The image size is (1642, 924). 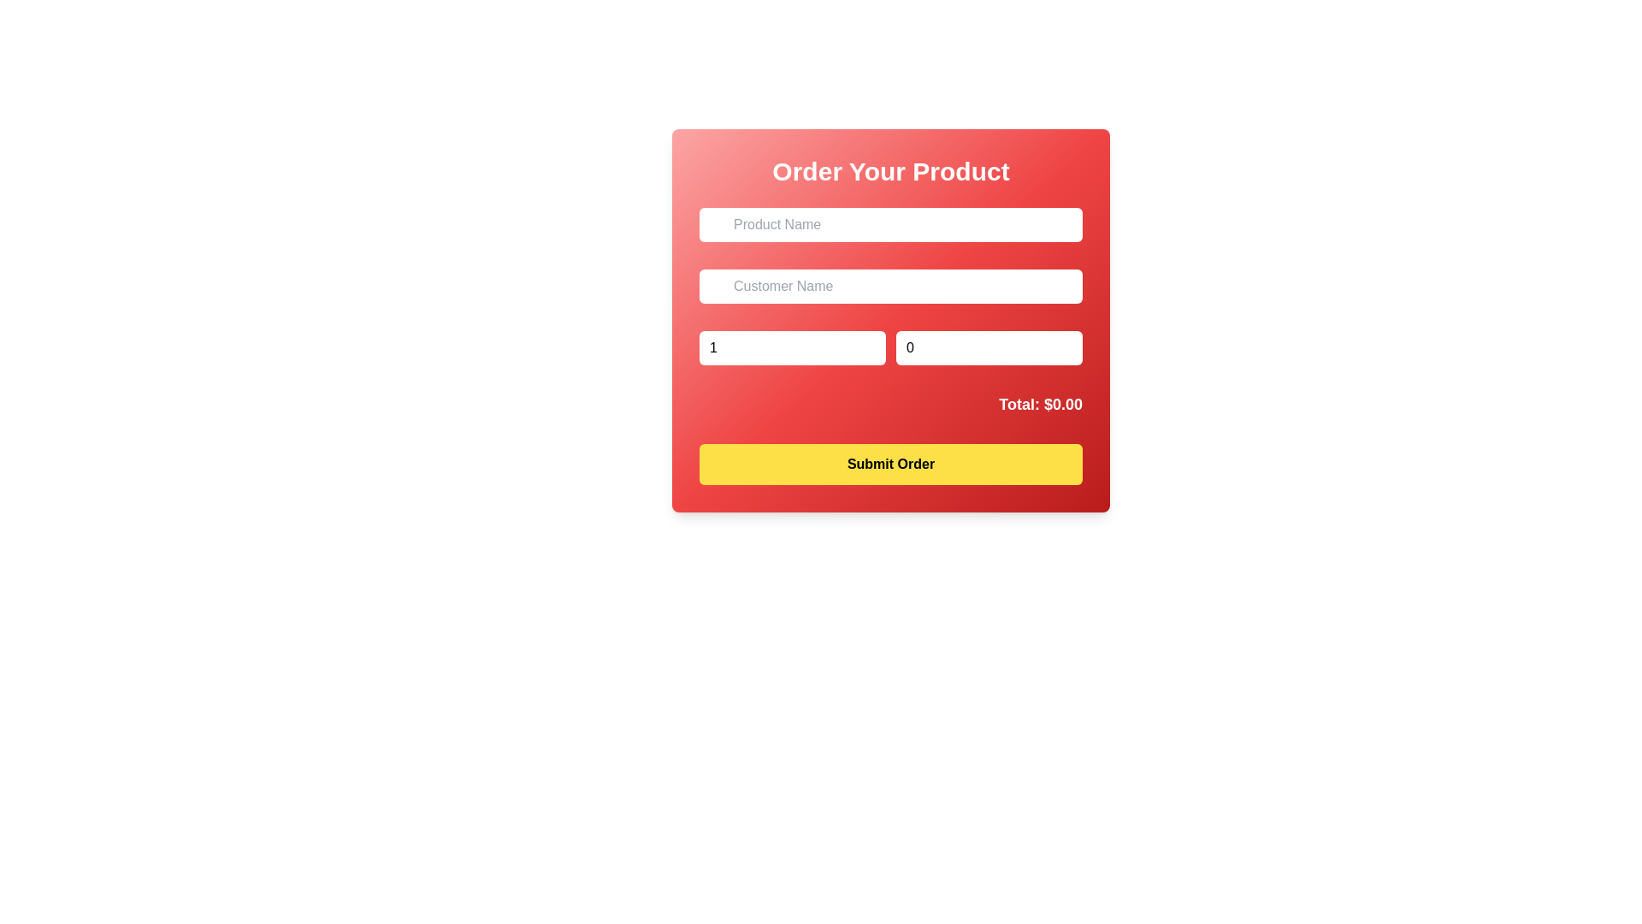 I want to click on the input box that allows the user to input a numeric value for the price per unit, located below the 'Customer Name' field and to the right of the 'Quantity' input box, so click(x=989, y=347).